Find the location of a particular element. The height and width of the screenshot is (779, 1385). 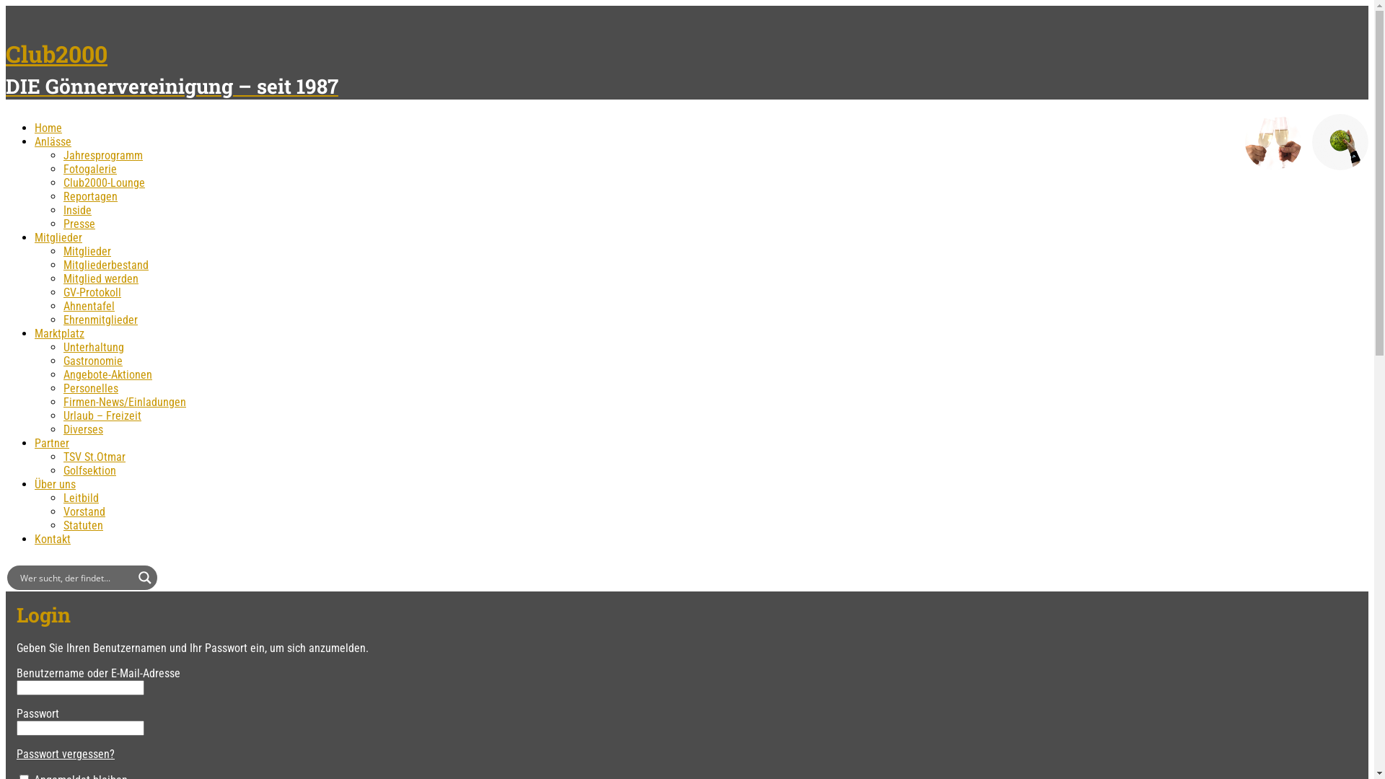

'Diverses' is located at coordinates (82, 428).